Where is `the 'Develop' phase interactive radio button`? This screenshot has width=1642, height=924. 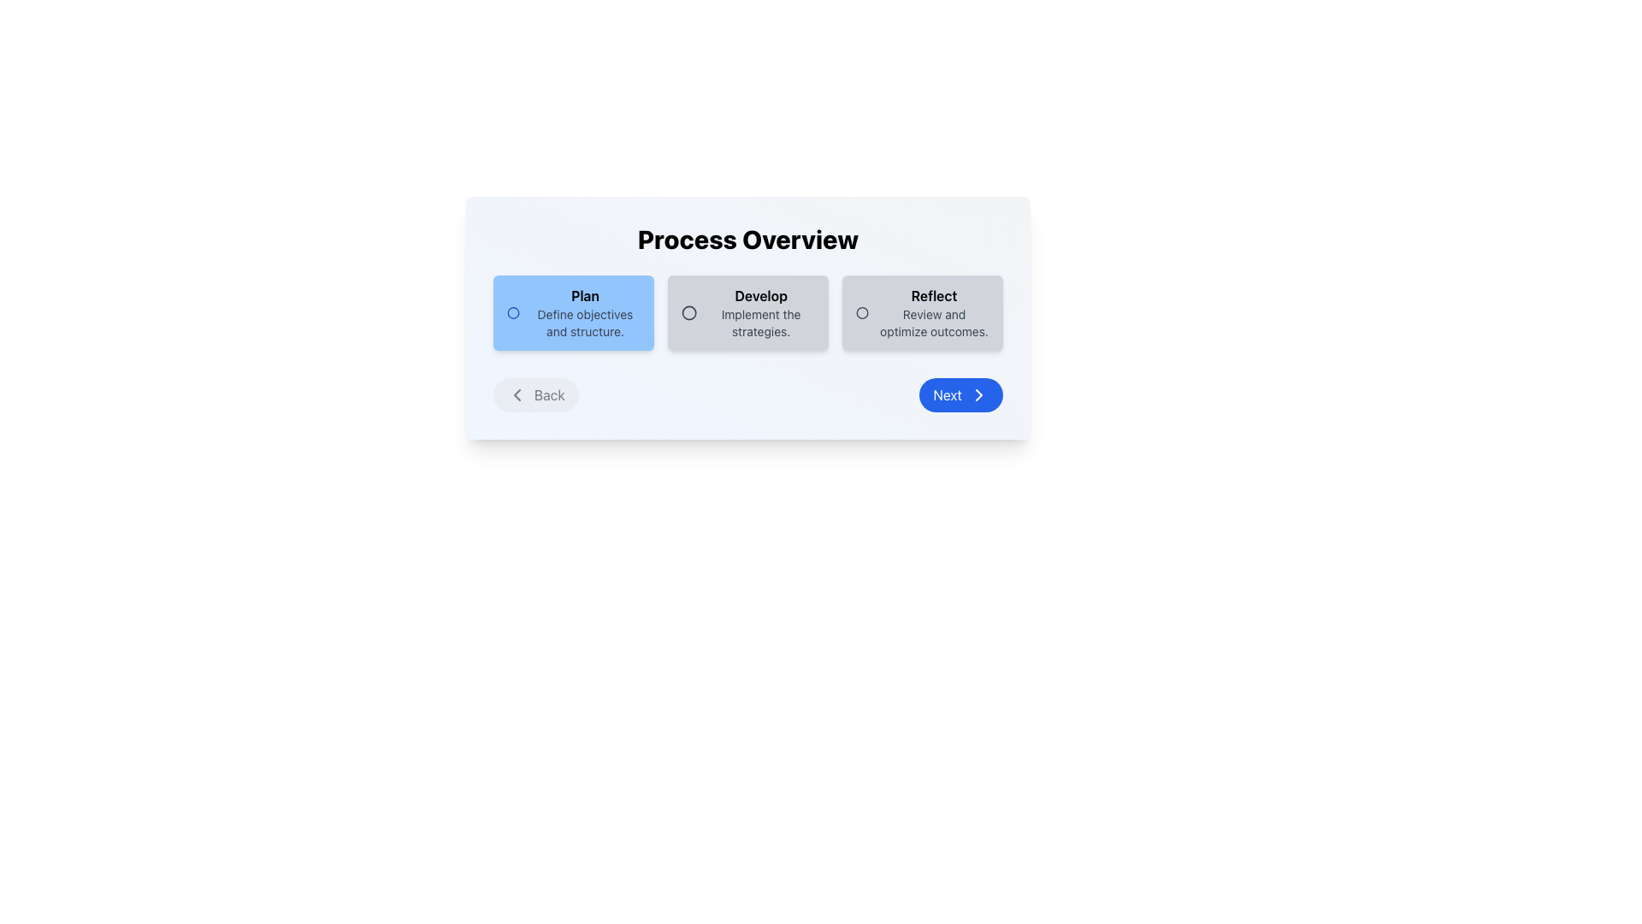
the 'Develop' phase interactive radio button is located at coordinates (747, 313).